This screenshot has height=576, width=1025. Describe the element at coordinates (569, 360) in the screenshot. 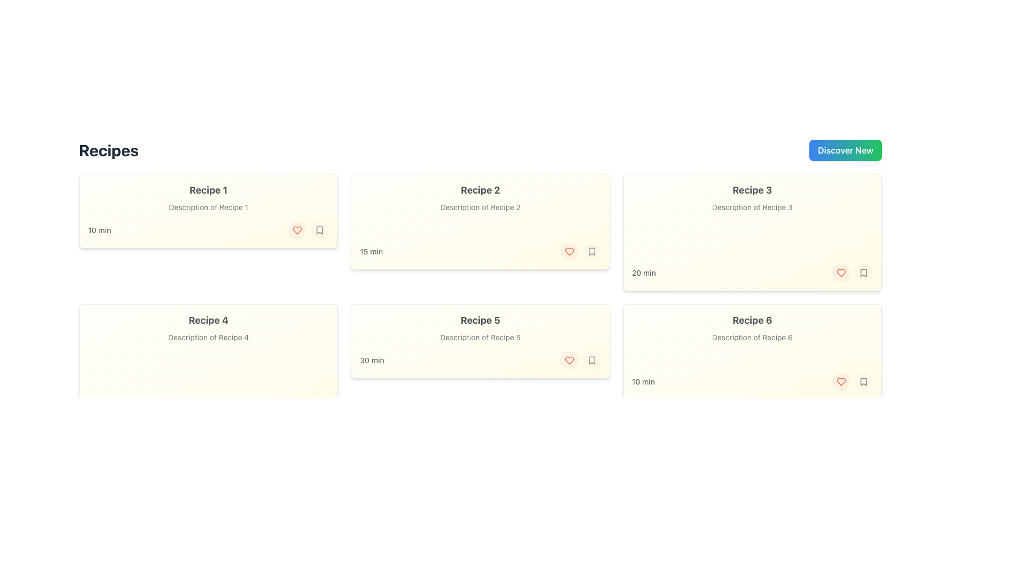

I see `the 'like' button located in the lower right corner of the card labeled 'Recipe 5' to like the recipe` at that location.